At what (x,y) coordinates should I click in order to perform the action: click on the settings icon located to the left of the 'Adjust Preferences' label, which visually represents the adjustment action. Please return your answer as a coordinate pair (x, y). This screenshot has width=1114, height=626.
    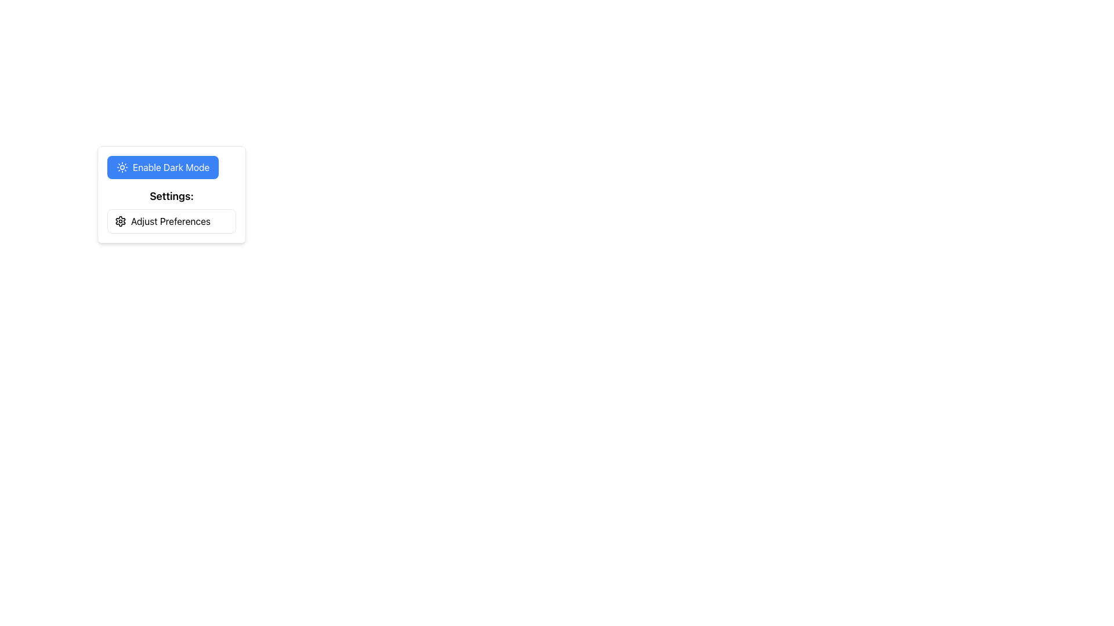
    Looking at the image, I should click on (120, 221).